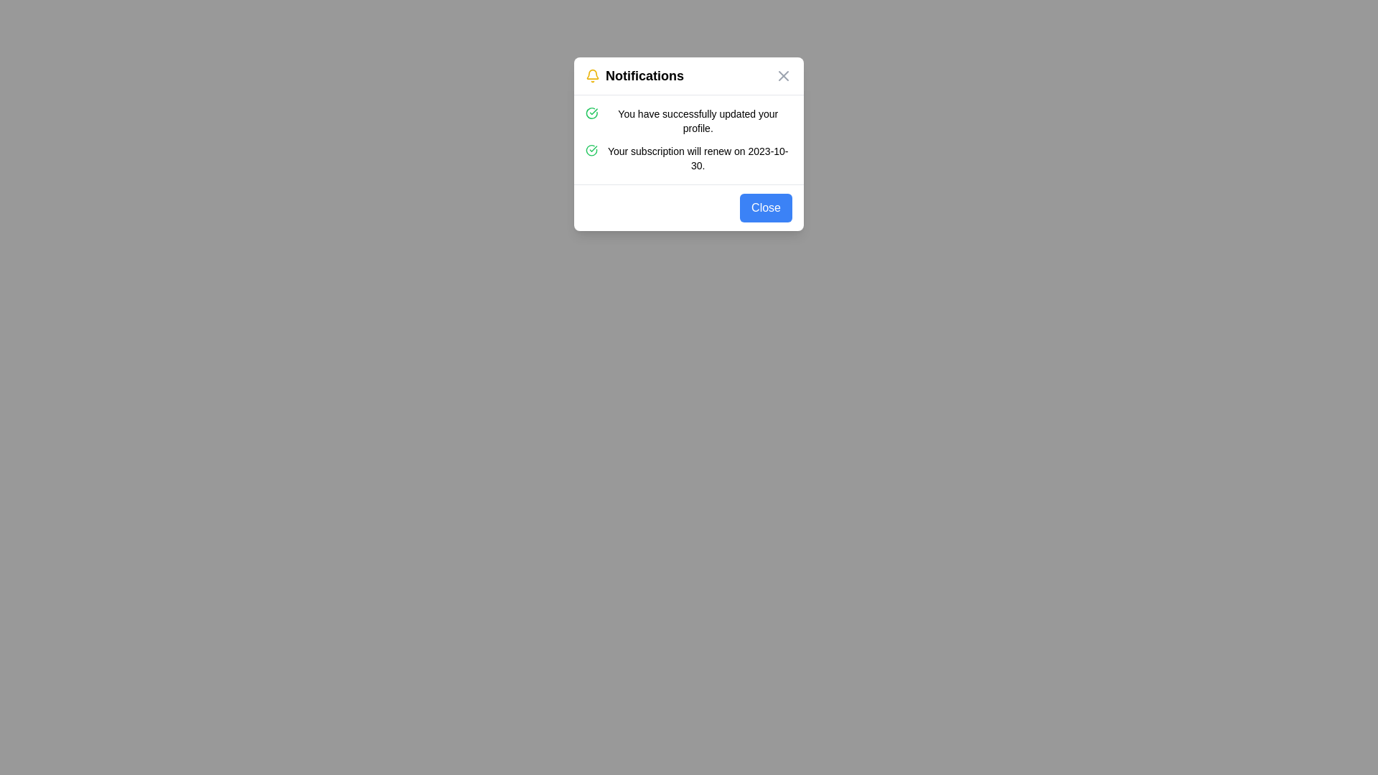  I want to click on the 'Notifications' text element with a yellow bell icon located at the top-center of the notification dialog, so click(634, 75).